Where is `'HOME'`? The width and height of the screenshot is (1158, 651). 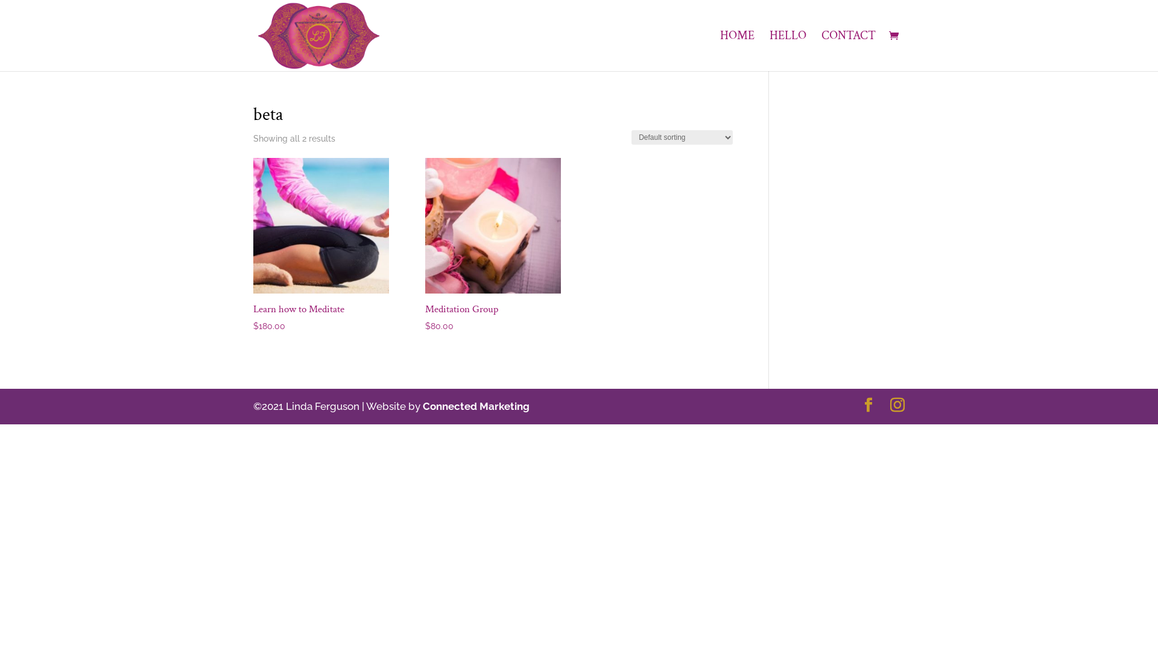 'HOME' is located at coordinates (736, 50).